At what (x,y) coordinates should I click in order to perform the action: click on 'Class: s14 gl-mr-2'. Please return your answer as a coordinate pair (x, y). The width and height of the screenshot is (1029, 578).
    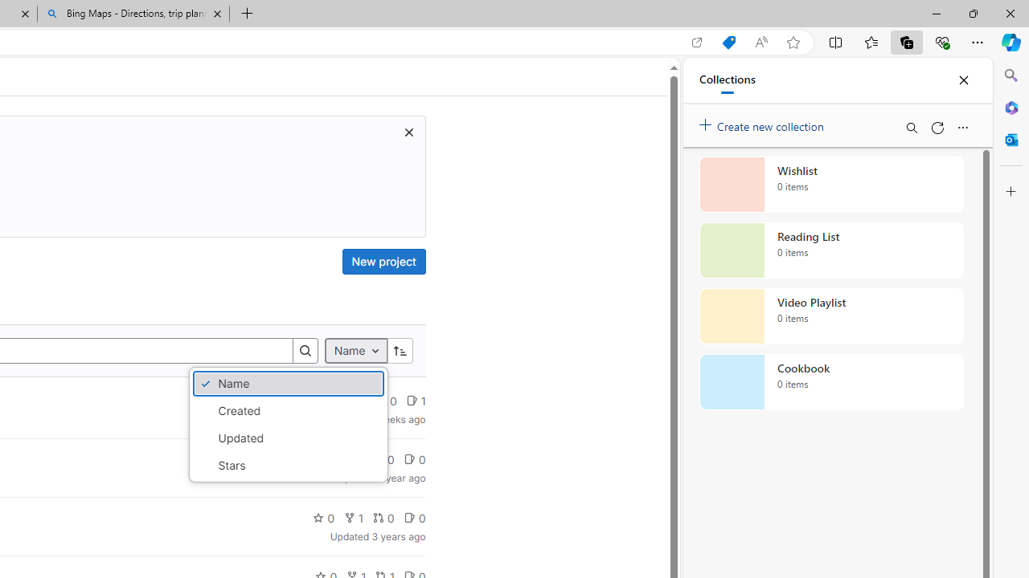
    Looking at the image, I should click on (409, 518).